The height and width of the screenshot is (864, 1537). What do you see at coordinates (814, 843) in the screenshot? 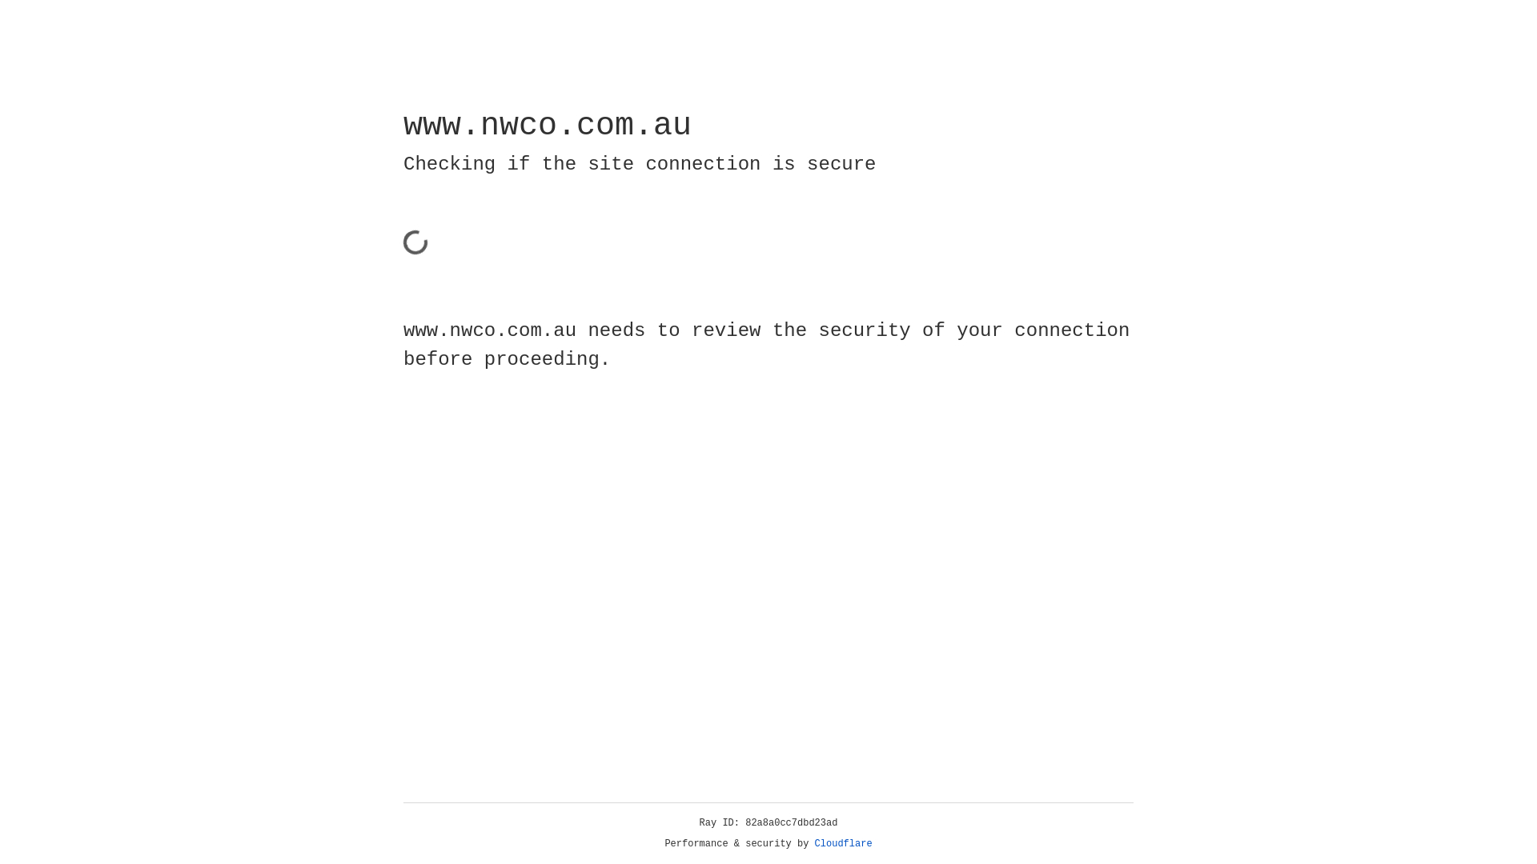
I see `'Cloudflare'` at bounding box center [814, 843].